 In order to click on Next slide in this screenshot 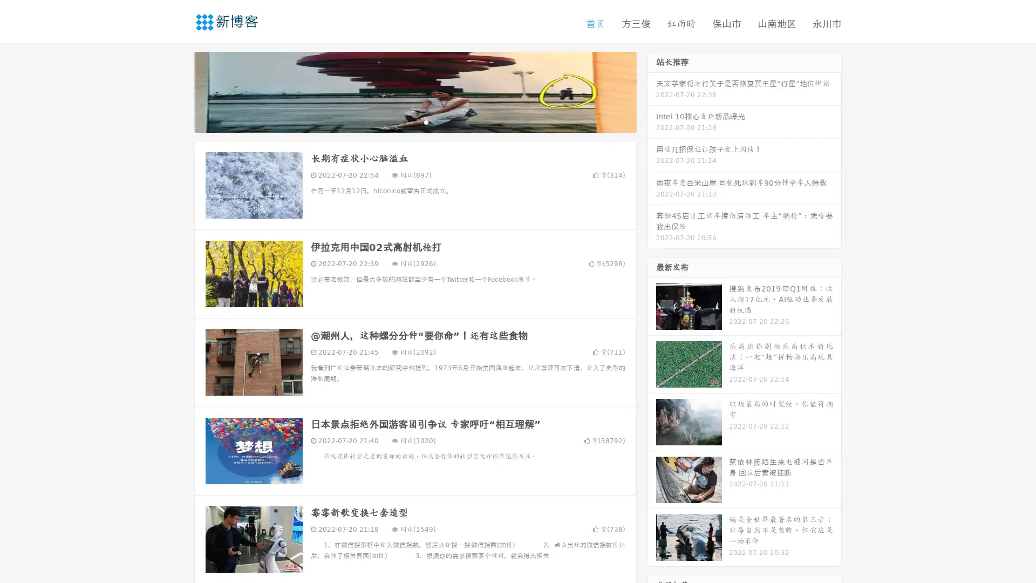, I will do `click(652, 91)`.